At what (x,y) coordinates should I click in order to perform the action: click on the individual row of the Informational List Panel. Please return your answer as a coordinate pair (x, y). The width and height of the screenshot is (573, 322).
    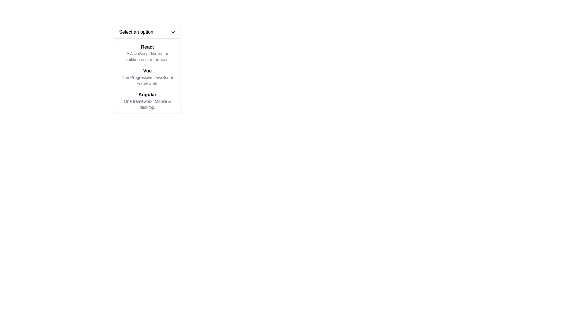
    Looking at the image, I should click on (147, 77).